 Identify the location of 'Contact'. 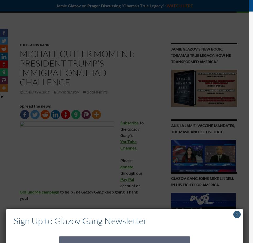
(210, 6).